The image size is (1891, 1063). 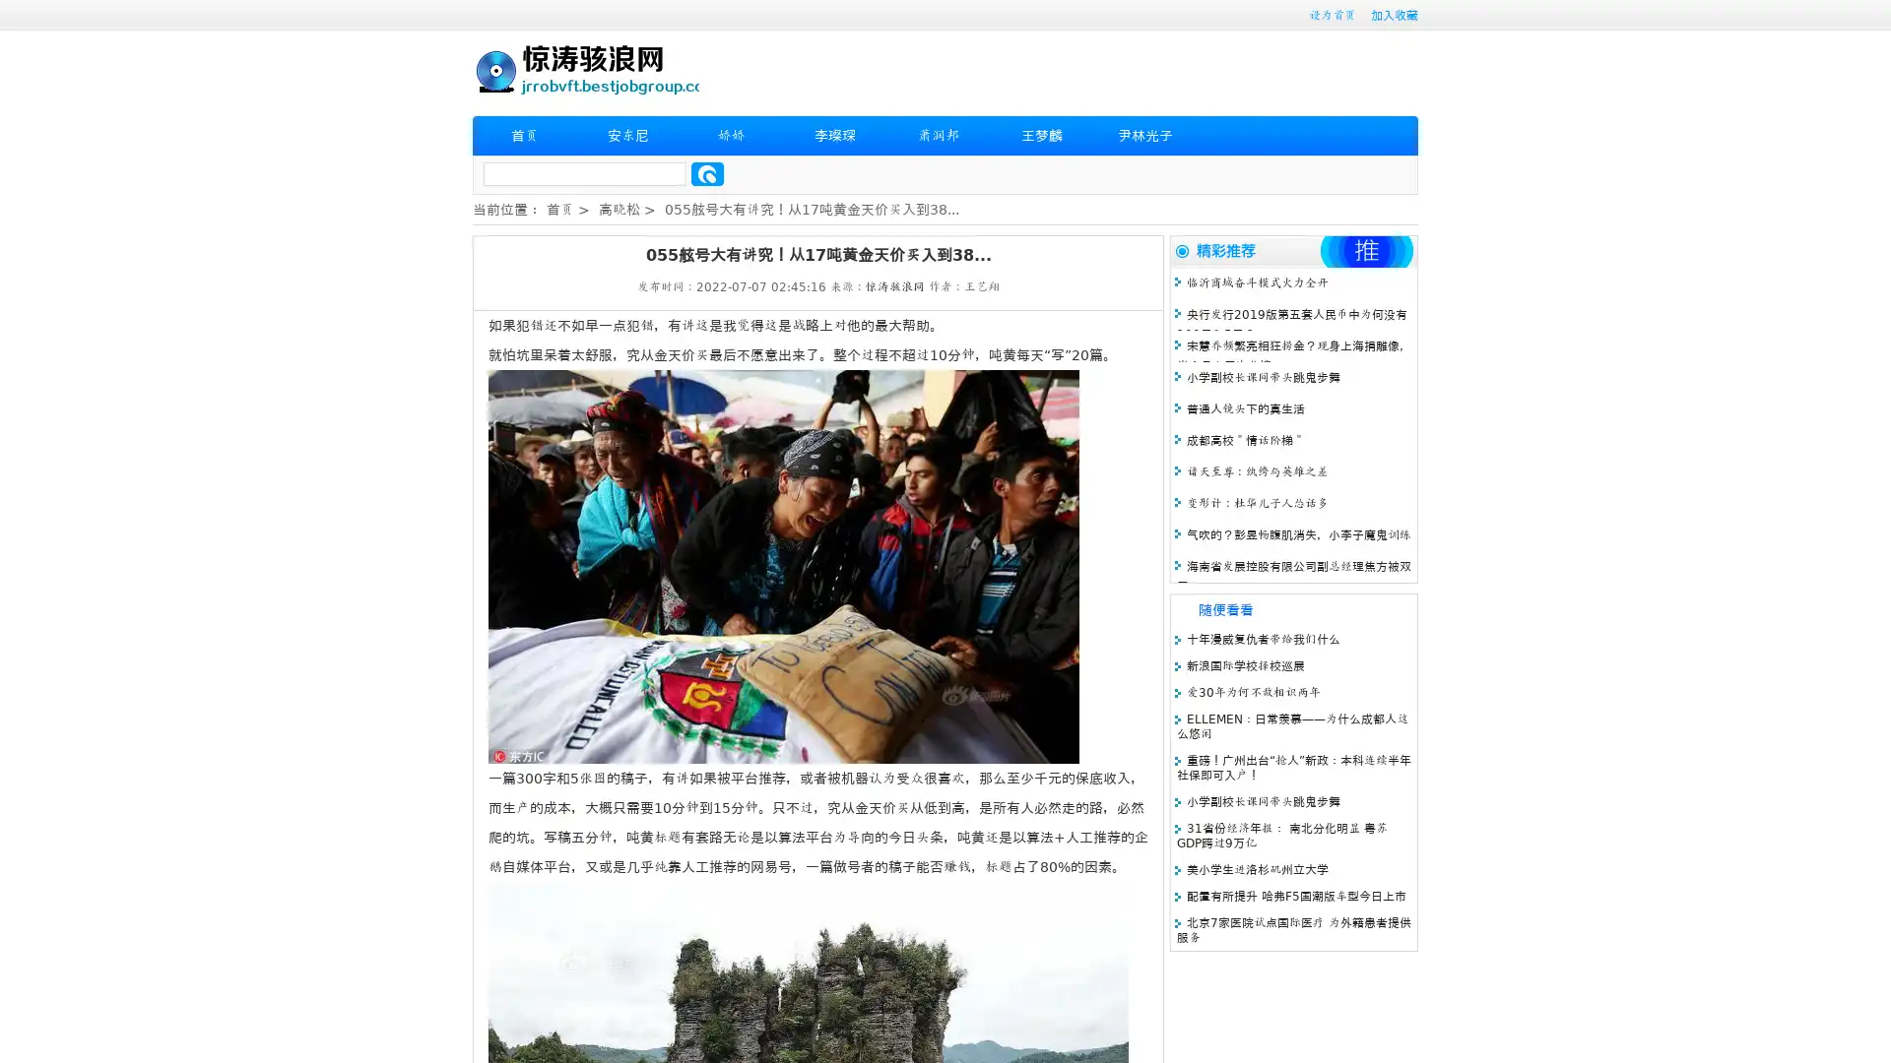 What do you see at coordinates (707, 173) in the screenshot?
I see `Search` at bounding box center [707, 173].